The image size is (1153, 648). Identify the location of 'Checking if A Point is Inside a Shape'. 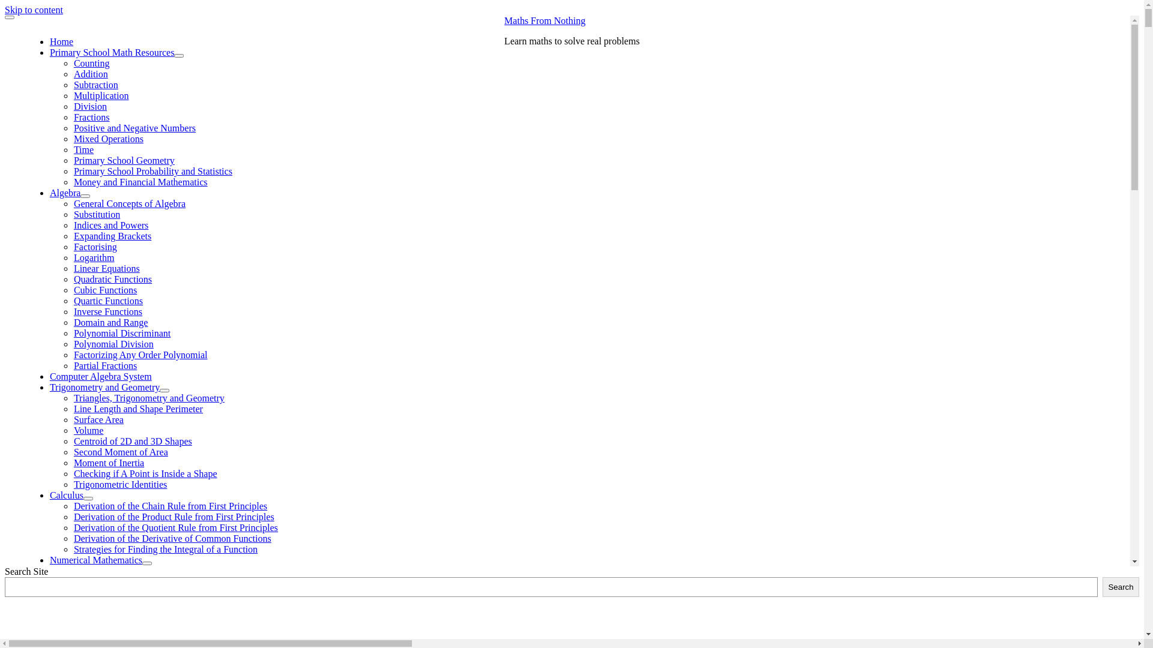
(145, 473).